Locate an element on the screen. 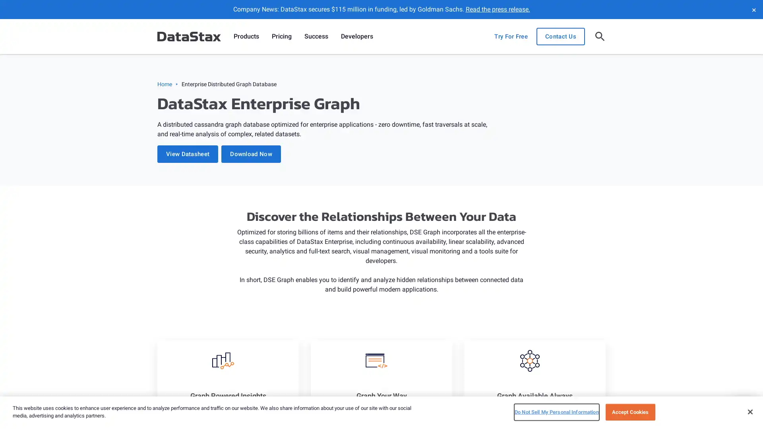 The height and width of the screenshot is (429, 763). Open Intercom Messenger is located at coordinates (743, 409).